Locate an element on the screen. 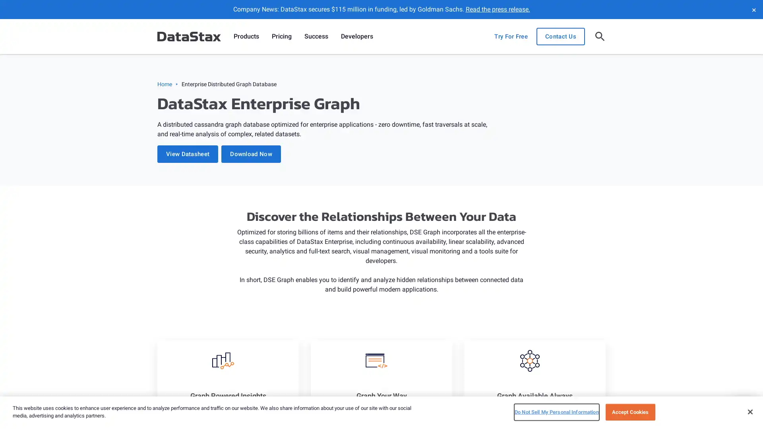 The height and width of the screenshot is (429, 763). Open Intercom Messenger is located at coordinates (743, 409).